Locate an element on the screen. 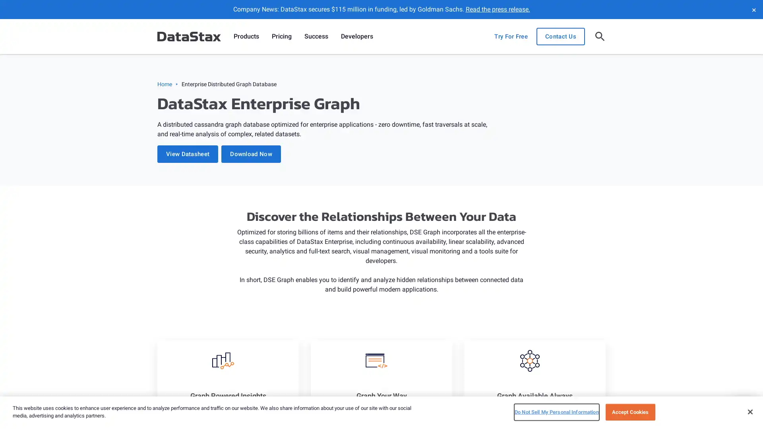 The height and width of the screenshot is (429, 763). Open Intercom Messenger is located at coordinates (743, 409).